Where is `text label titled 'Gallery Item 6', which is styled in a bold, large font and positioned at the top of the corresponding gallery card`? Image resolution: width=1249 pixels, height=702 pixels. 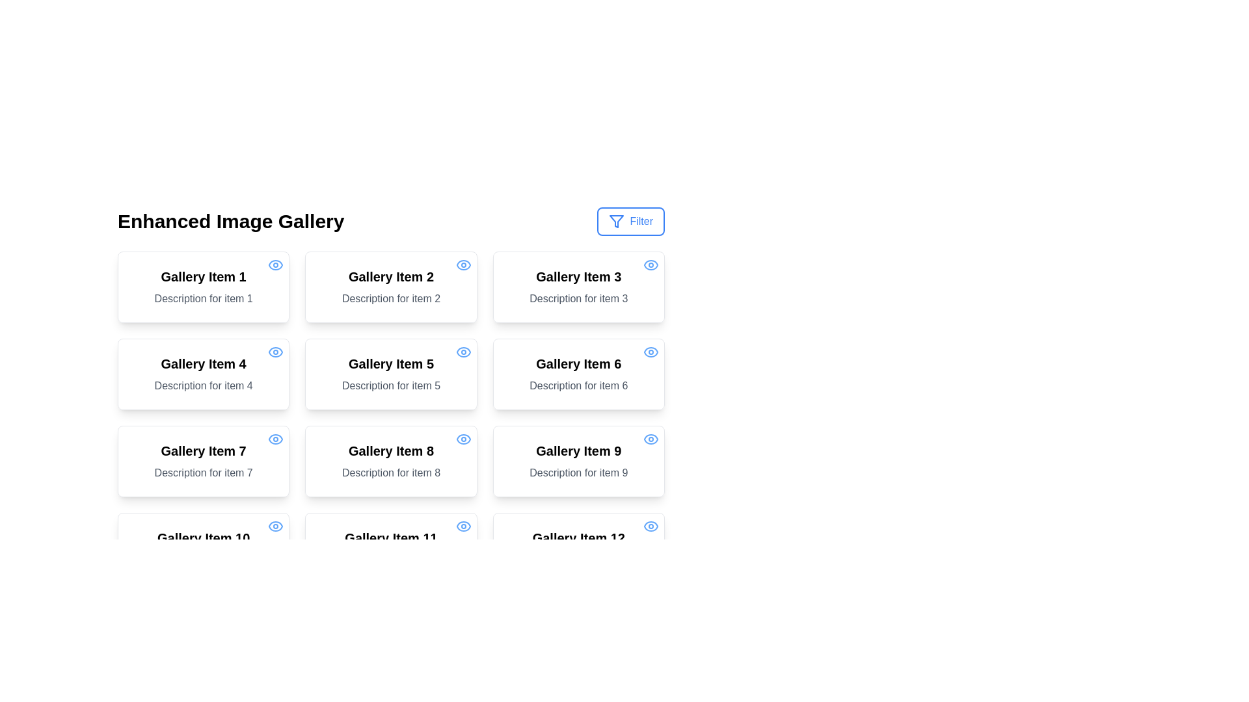
text label titled 'Gallery Item 6', which is styled in a bold, large font and positioned at the top of the corresponding gallery card is located at coordinates (578, 363).